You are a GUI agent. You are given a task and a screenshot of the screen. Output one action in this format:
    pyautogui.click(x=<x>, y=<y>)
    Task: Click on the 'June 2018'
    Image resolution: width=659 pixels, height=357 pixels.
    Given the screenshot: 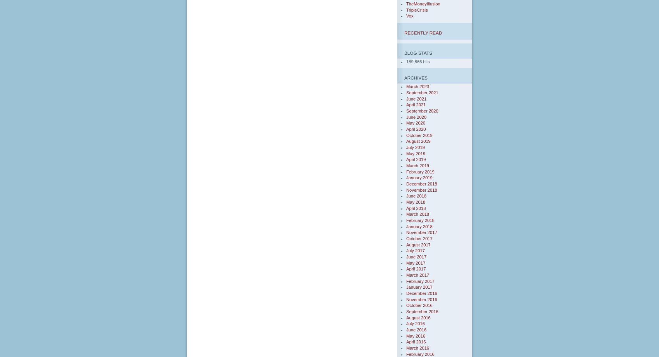 What is the action you would take?
    pyautogui.click(x=416, y=196)
    